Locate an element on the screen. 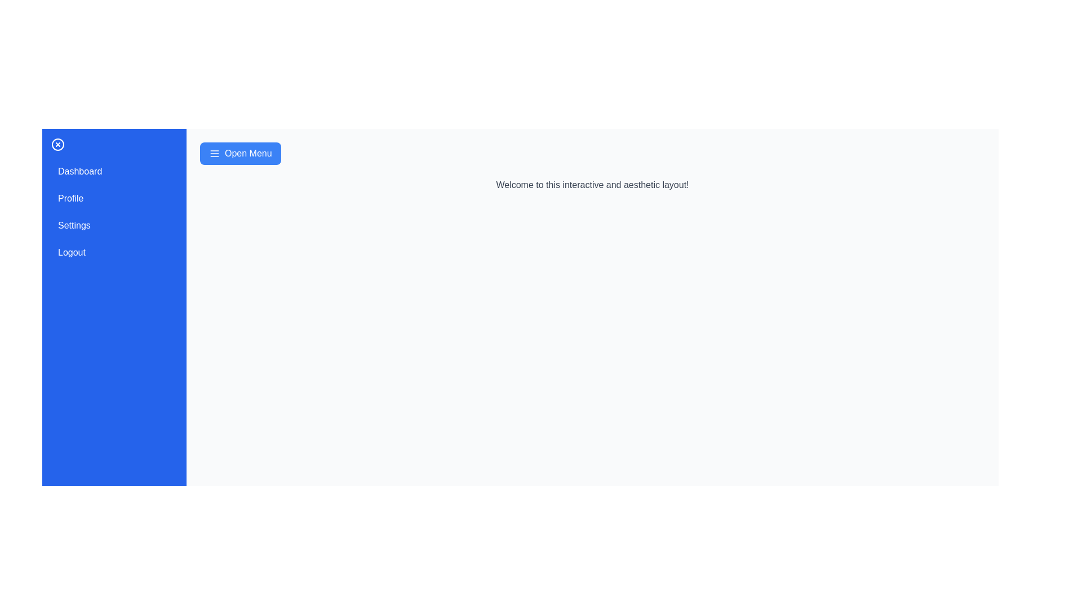 This screenshot has width=1082, height=608. the menu item Profile to observe the hover effect is located at coordinates (114, 198).